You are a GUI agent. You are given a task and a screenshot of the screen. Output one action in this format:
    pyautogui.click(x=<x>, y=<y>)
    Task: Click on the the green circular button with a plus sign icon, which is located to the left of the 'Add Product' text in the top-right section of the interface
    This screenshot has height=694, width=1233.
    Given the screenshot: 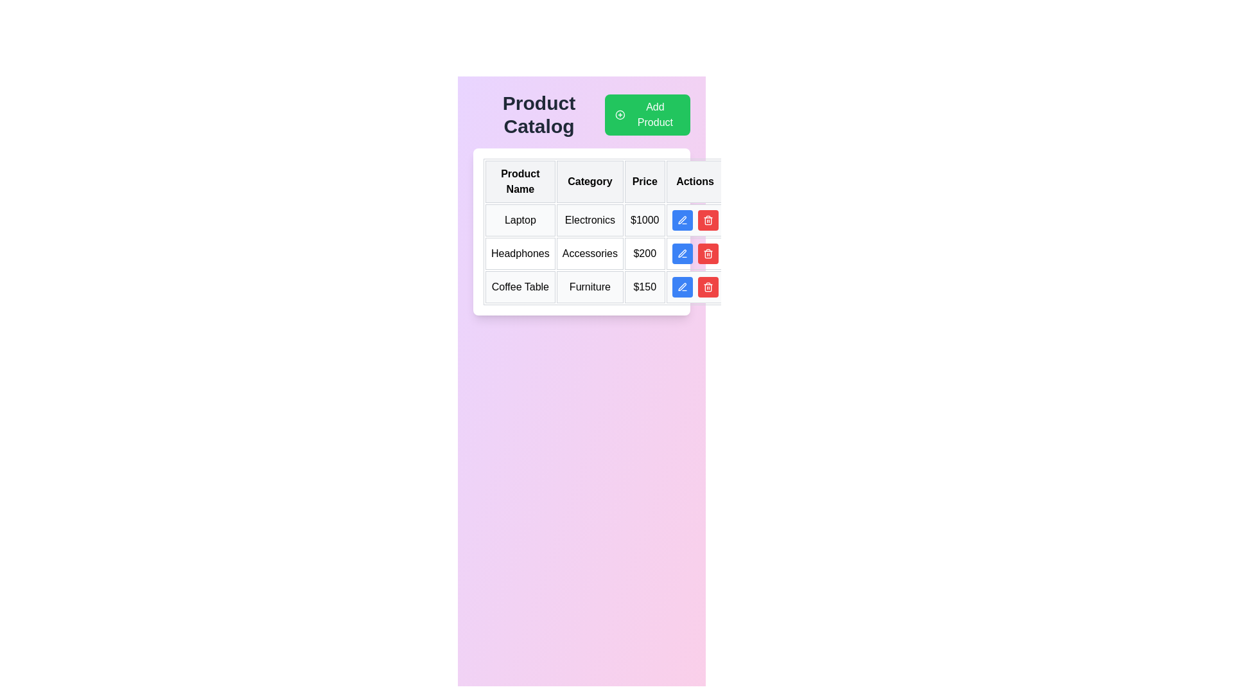 What is the action you would take?
    pyautogui.click(x=620, y=114)
    